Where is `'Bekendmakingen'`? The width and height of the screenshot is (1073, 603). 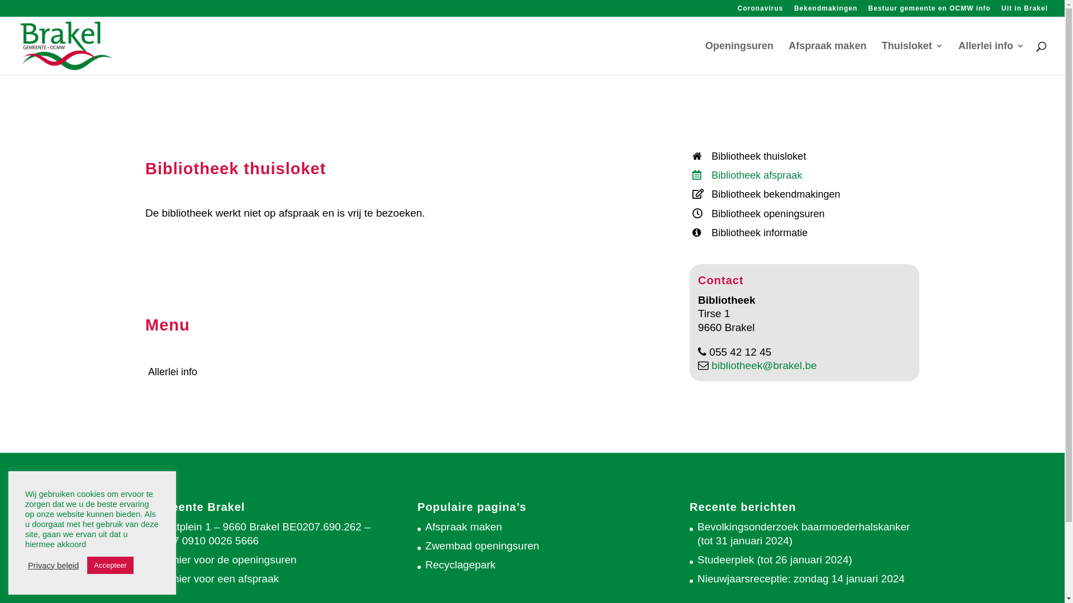
'Bekendmakingen' is located at coordinates (793, 11).